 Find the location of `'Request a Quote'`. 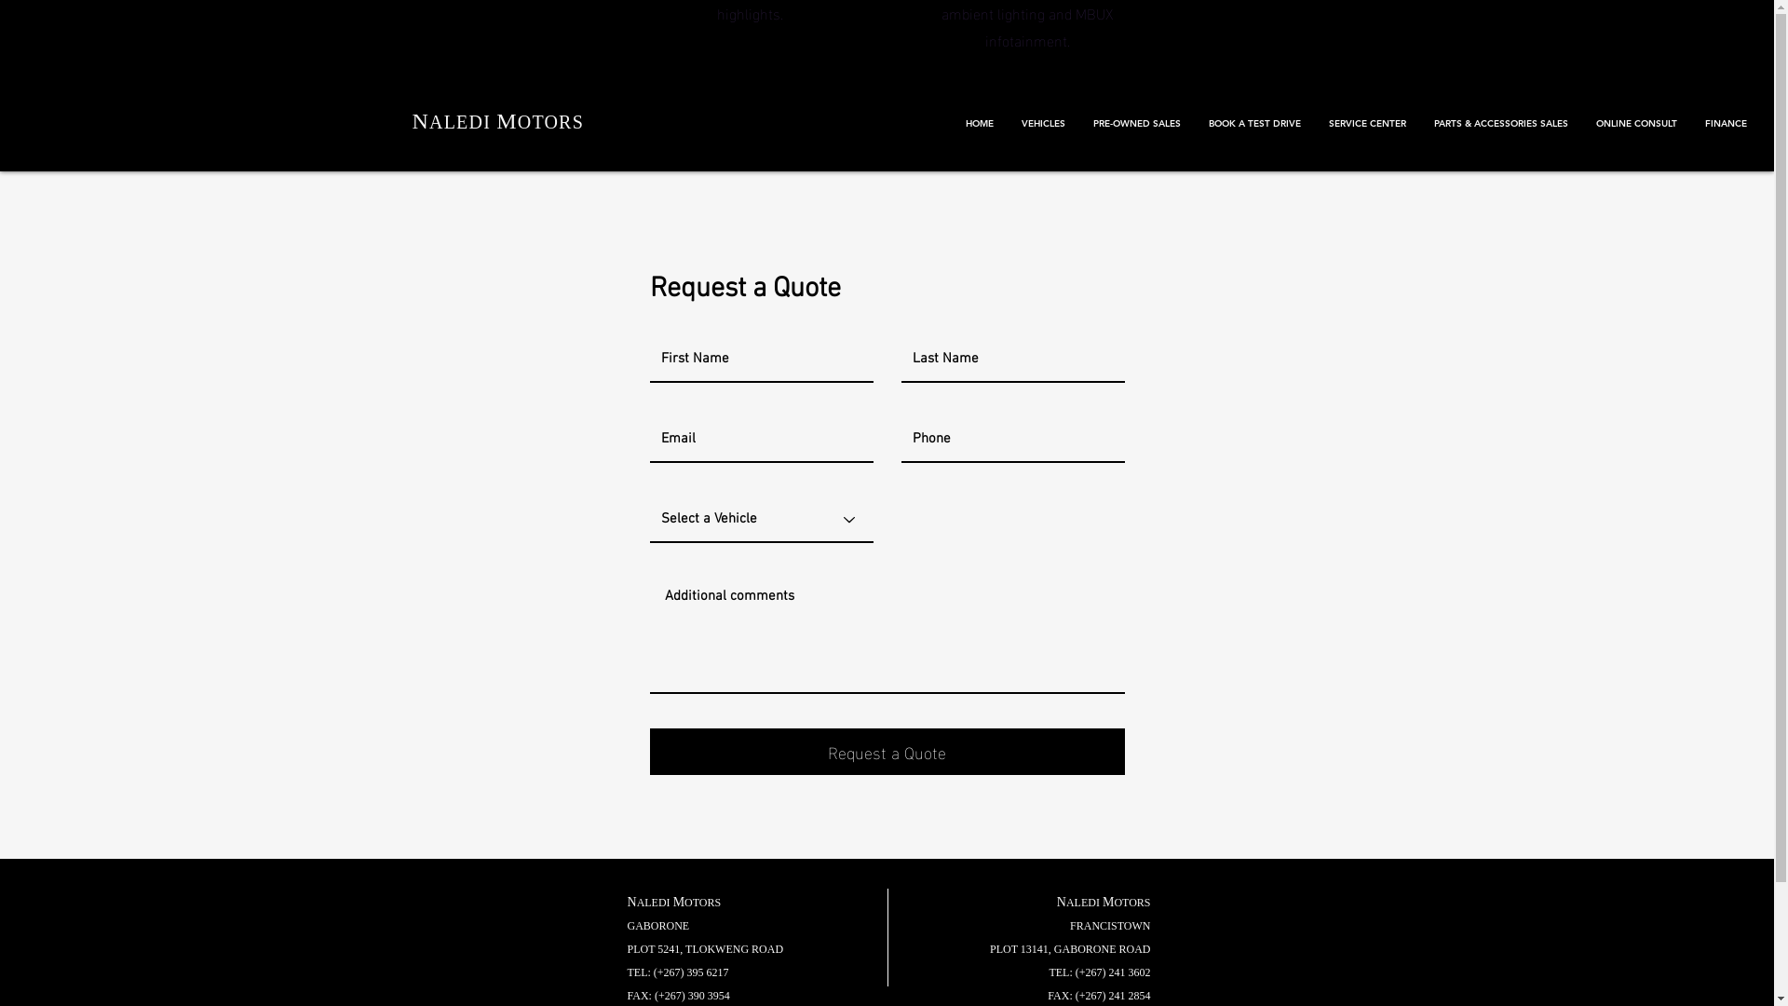

'Request a Quote' is located at coordinates (887, 750).